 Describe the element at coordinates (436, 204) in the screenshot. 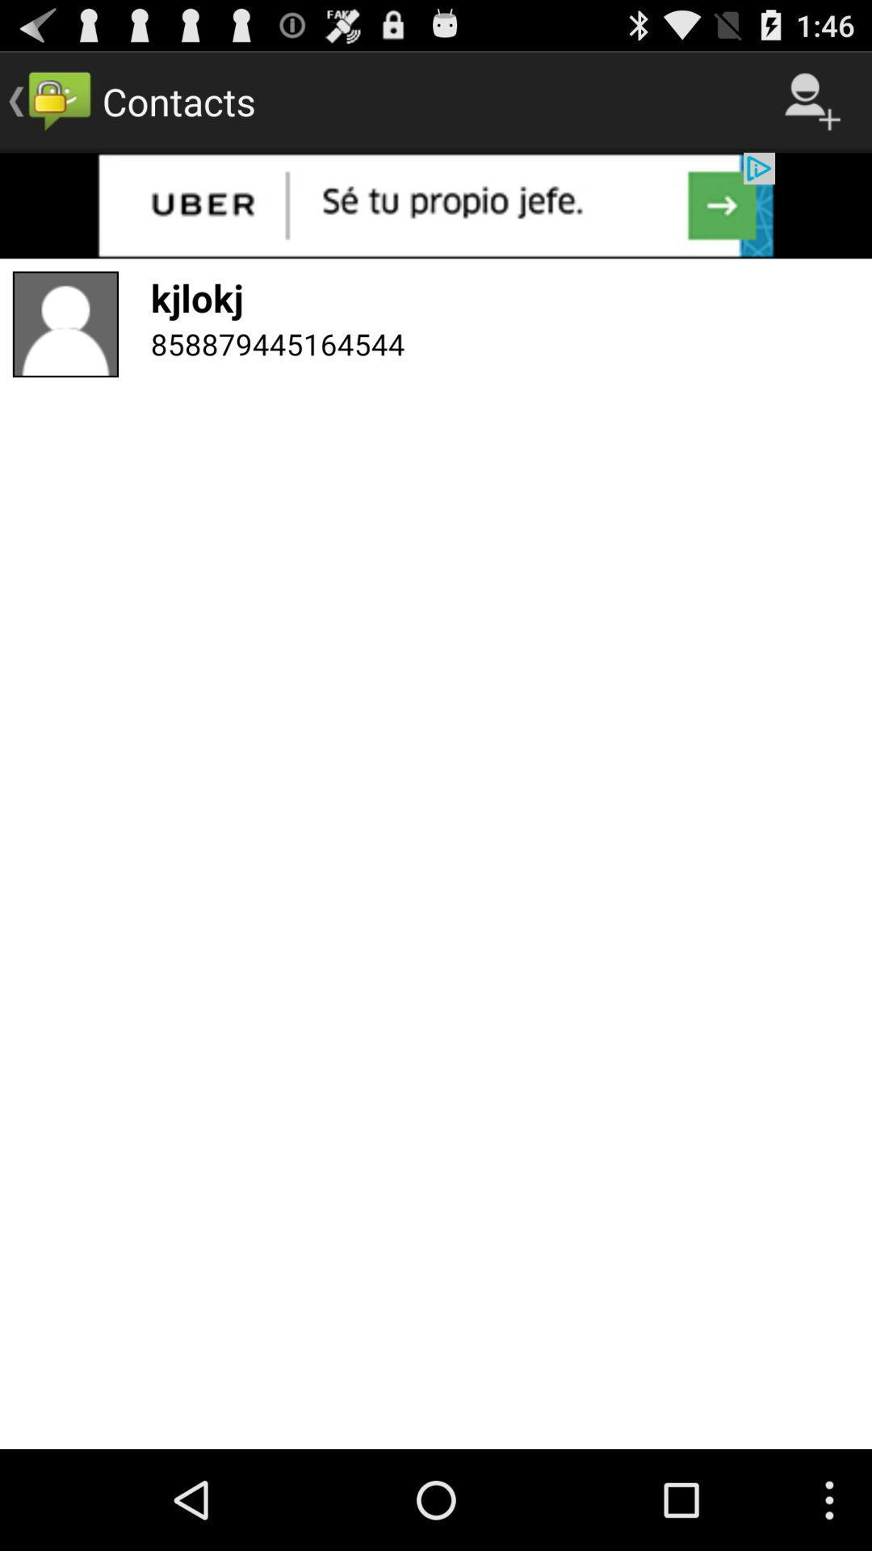

I see `advertisement link` at that location.